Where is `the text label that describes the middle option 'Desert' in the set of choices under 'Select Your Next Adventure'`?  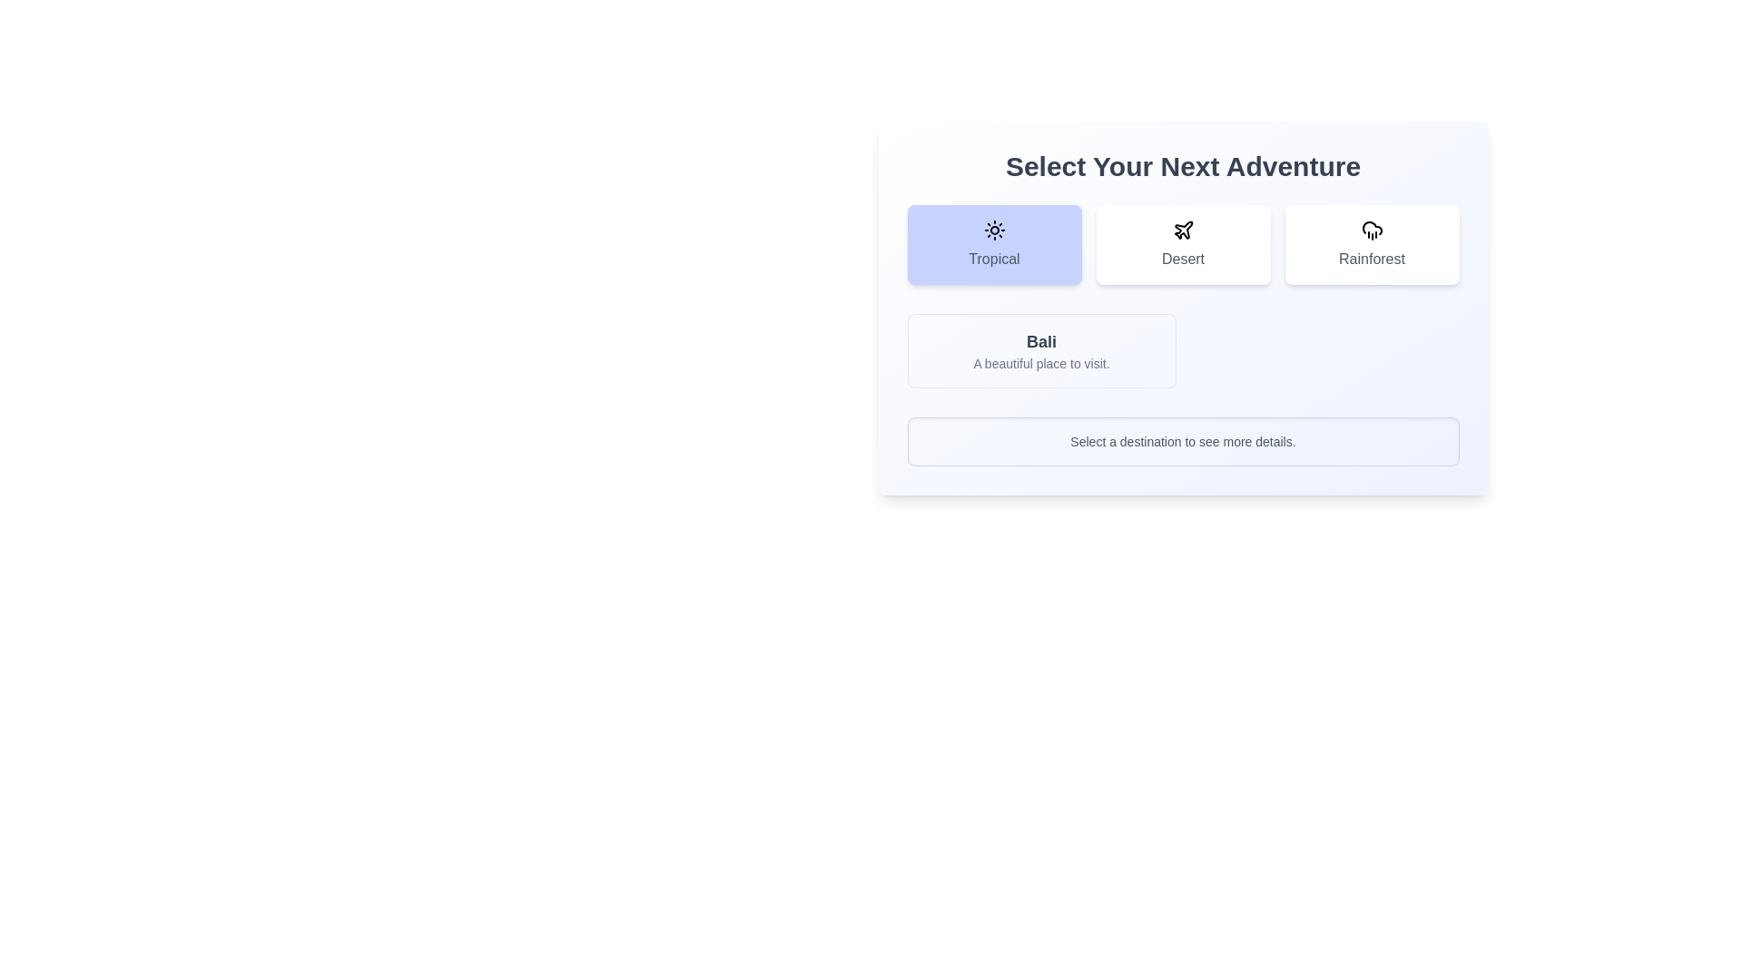 the text label that describes the middle option 'Desert' in the set of choices under 'Select Your Next Adventure' is located at coordinates (1183, 259).